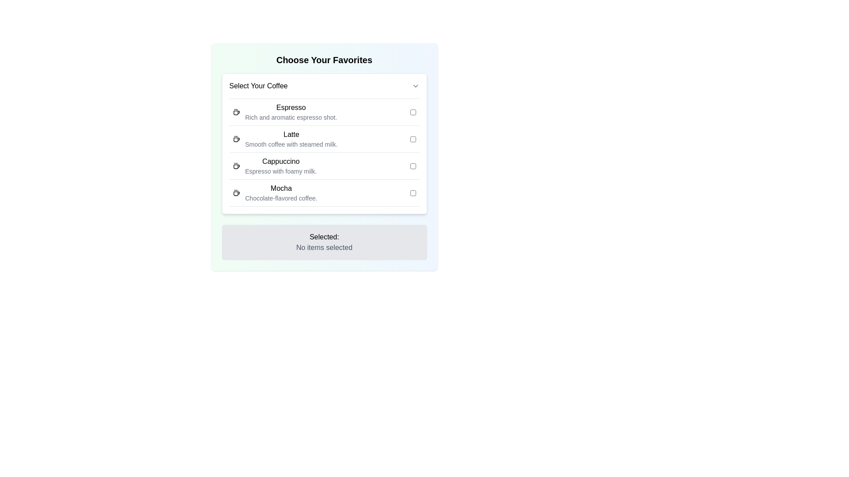  What do you see at coordinates (291, 139) in the screenshot?
I see `the 'Latte' coffee option text element, which provides a description of 'Smooth coffee with steamed milk.' and is located under the 'Select Your Coffee' section` at bounding box center [291, 139].